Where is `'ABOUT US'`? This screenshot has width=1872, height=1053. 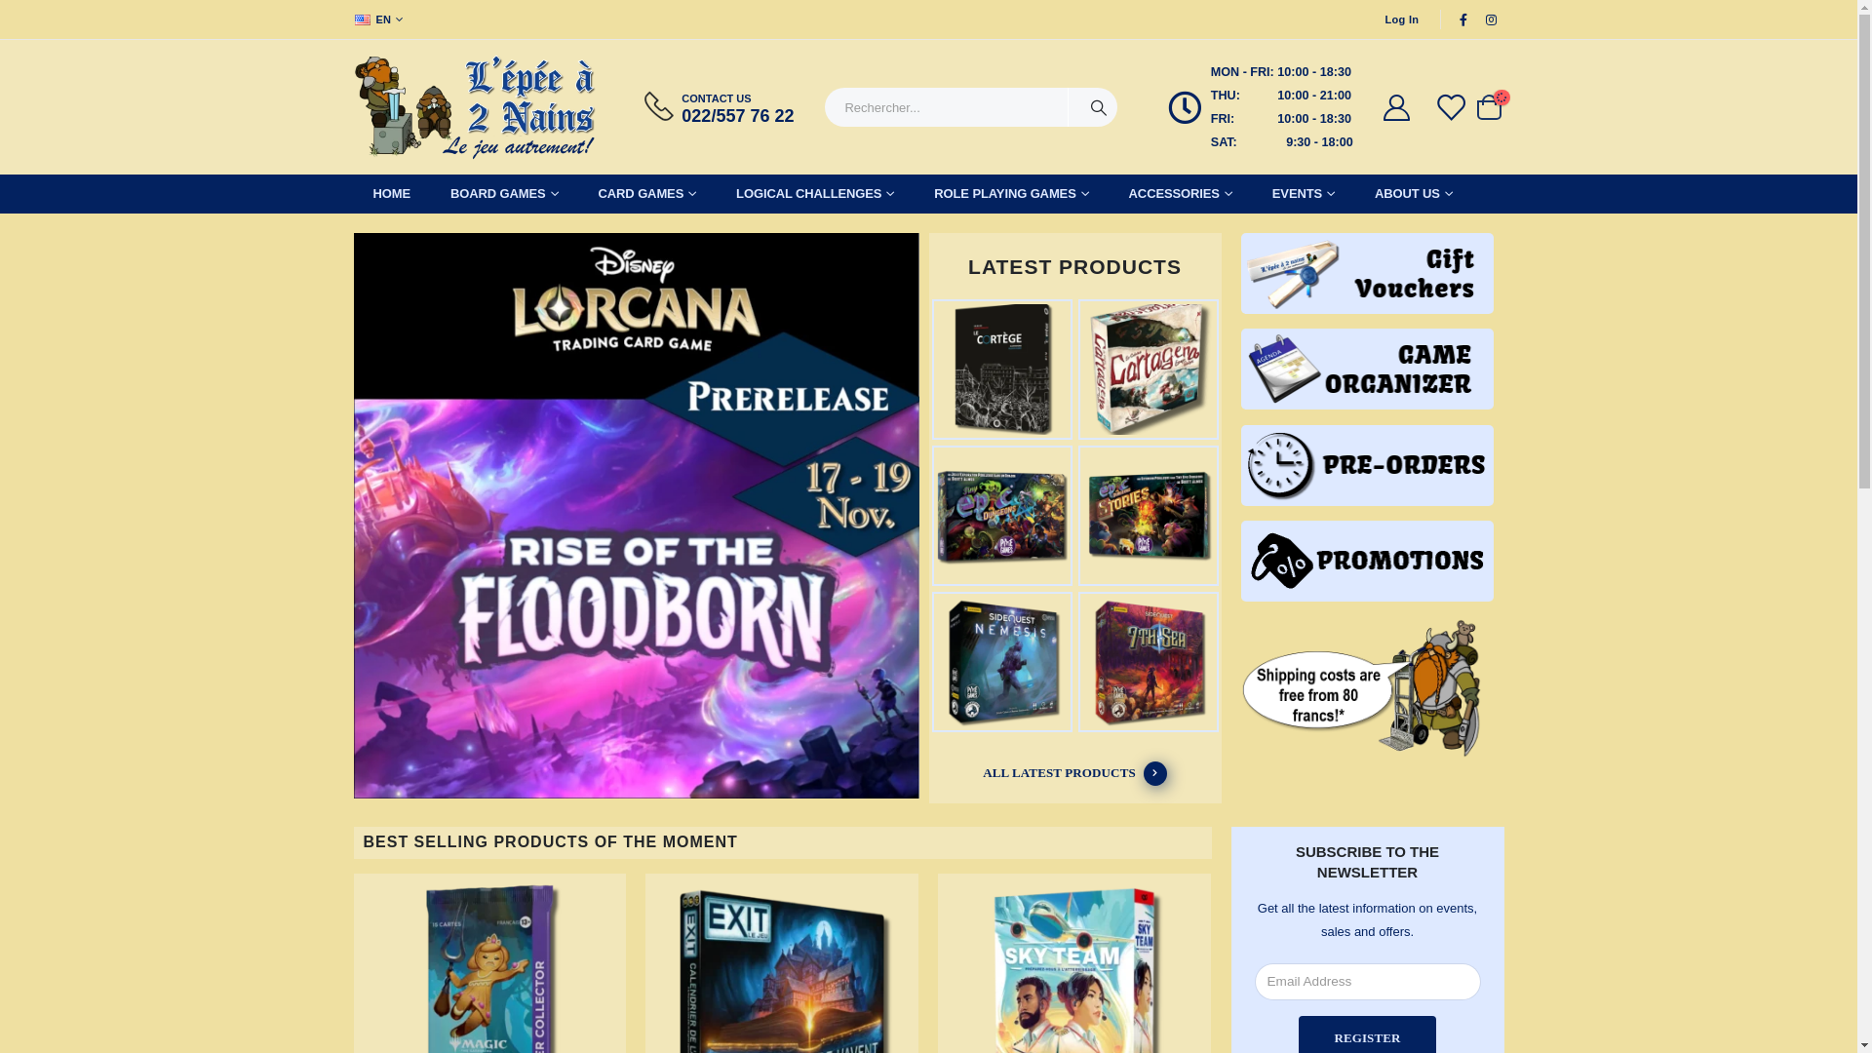
'ABOUT US' is located at coordinates (1413, 194).